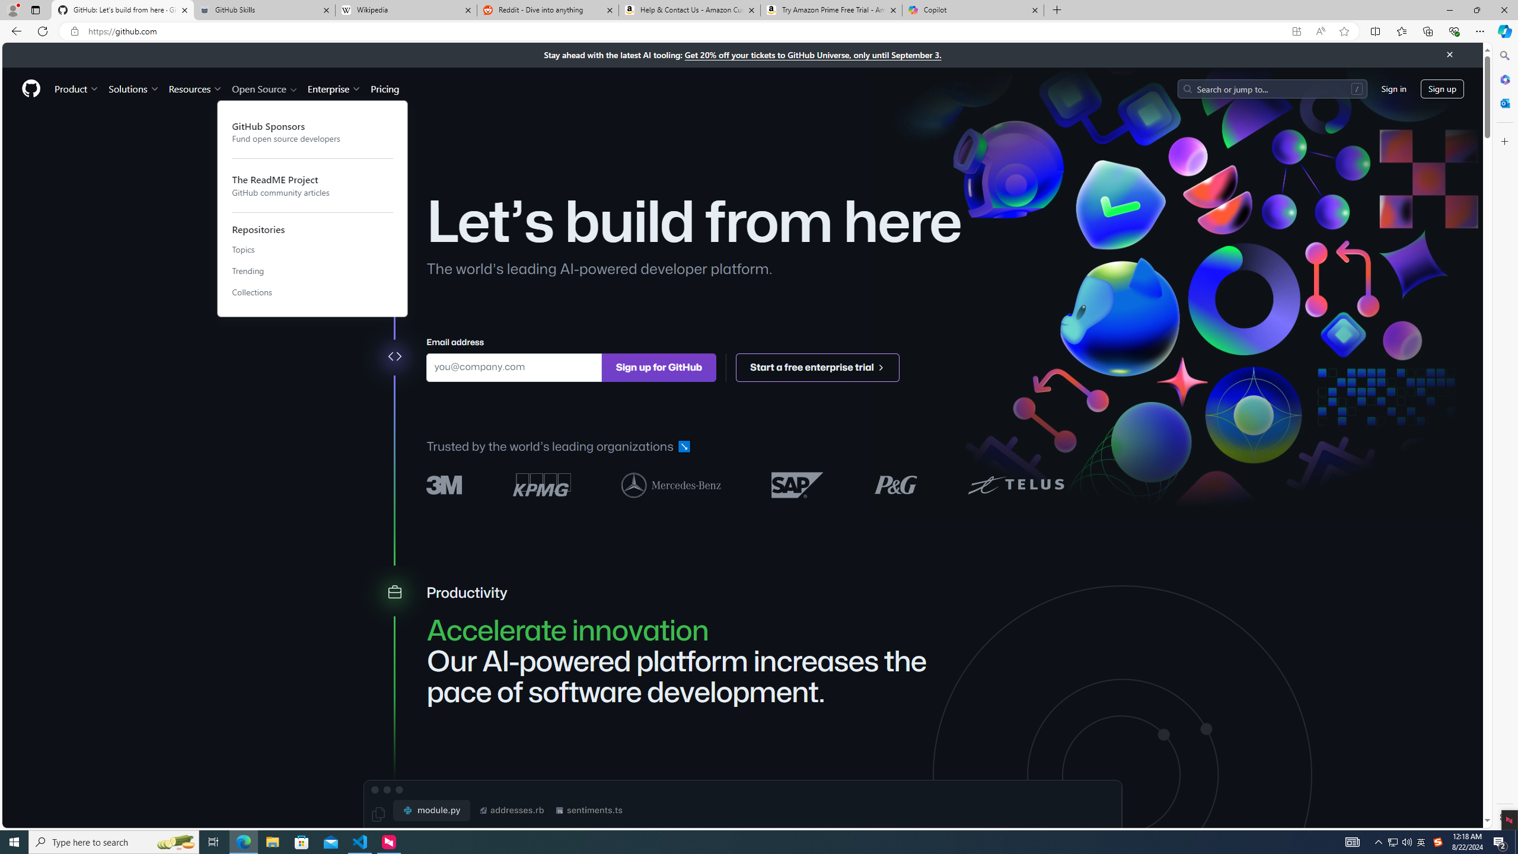 The width and height of the screenshot is (1518, 854). What do you see at coordinates (798, 484) in the screenshot?
I see `'SAP logo'` at bounding box center [798, 484].